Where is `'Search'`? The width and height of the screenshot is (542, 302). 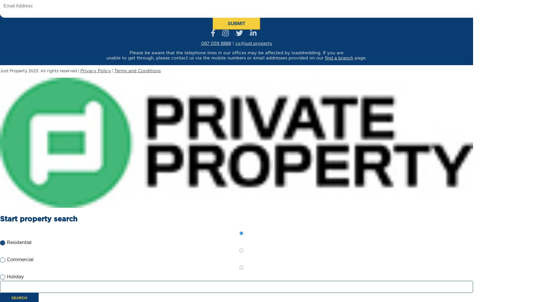 'Search' is located at coordinates (19, 297).